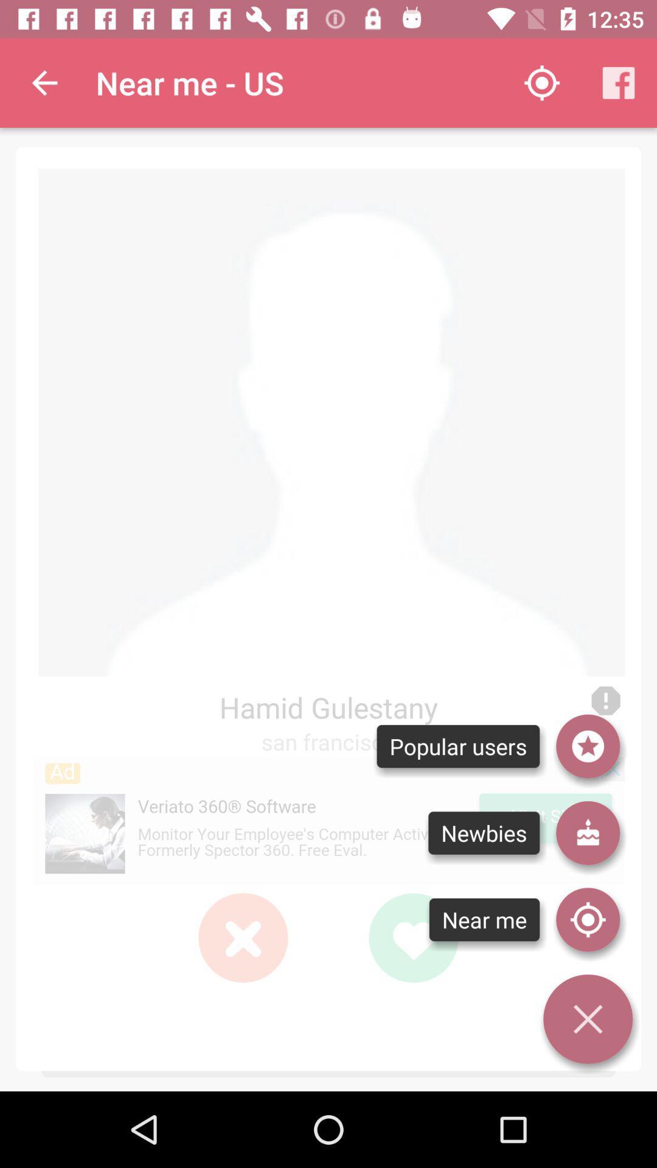 The image size is (657, 1168). I want to click on the icon which on the top right corner, so click(619, 83).